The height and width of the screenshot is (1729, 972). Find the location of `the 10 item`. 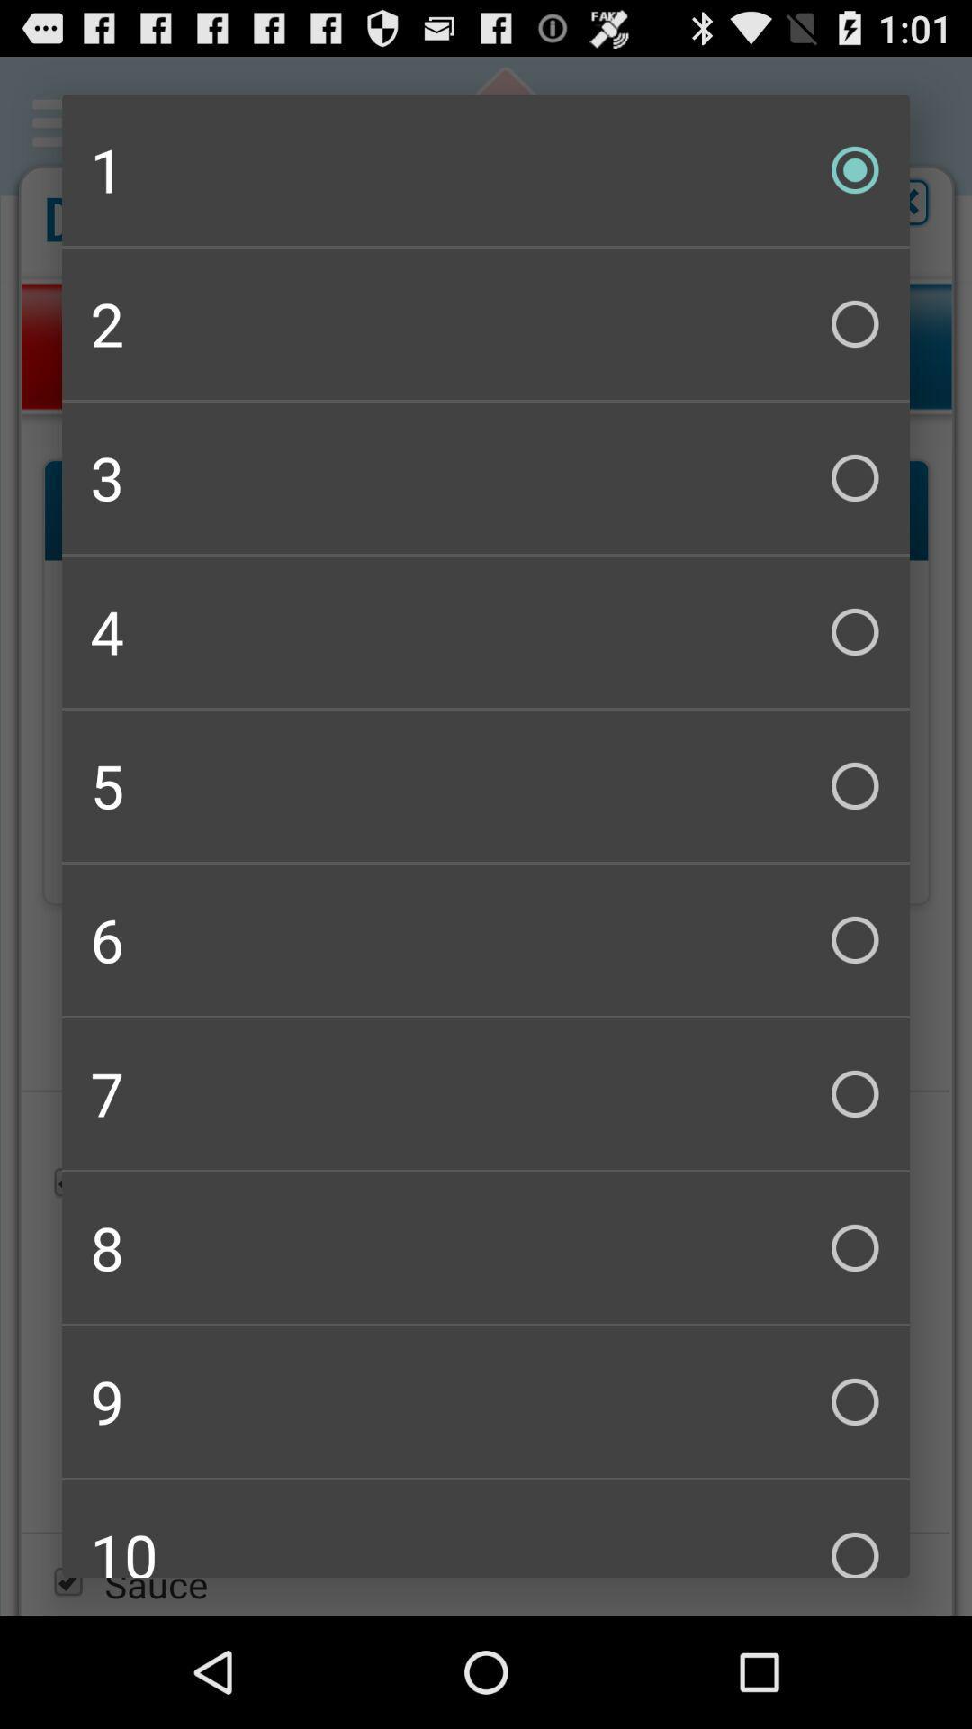

the 10 item is located at coordinates (486, 1528).